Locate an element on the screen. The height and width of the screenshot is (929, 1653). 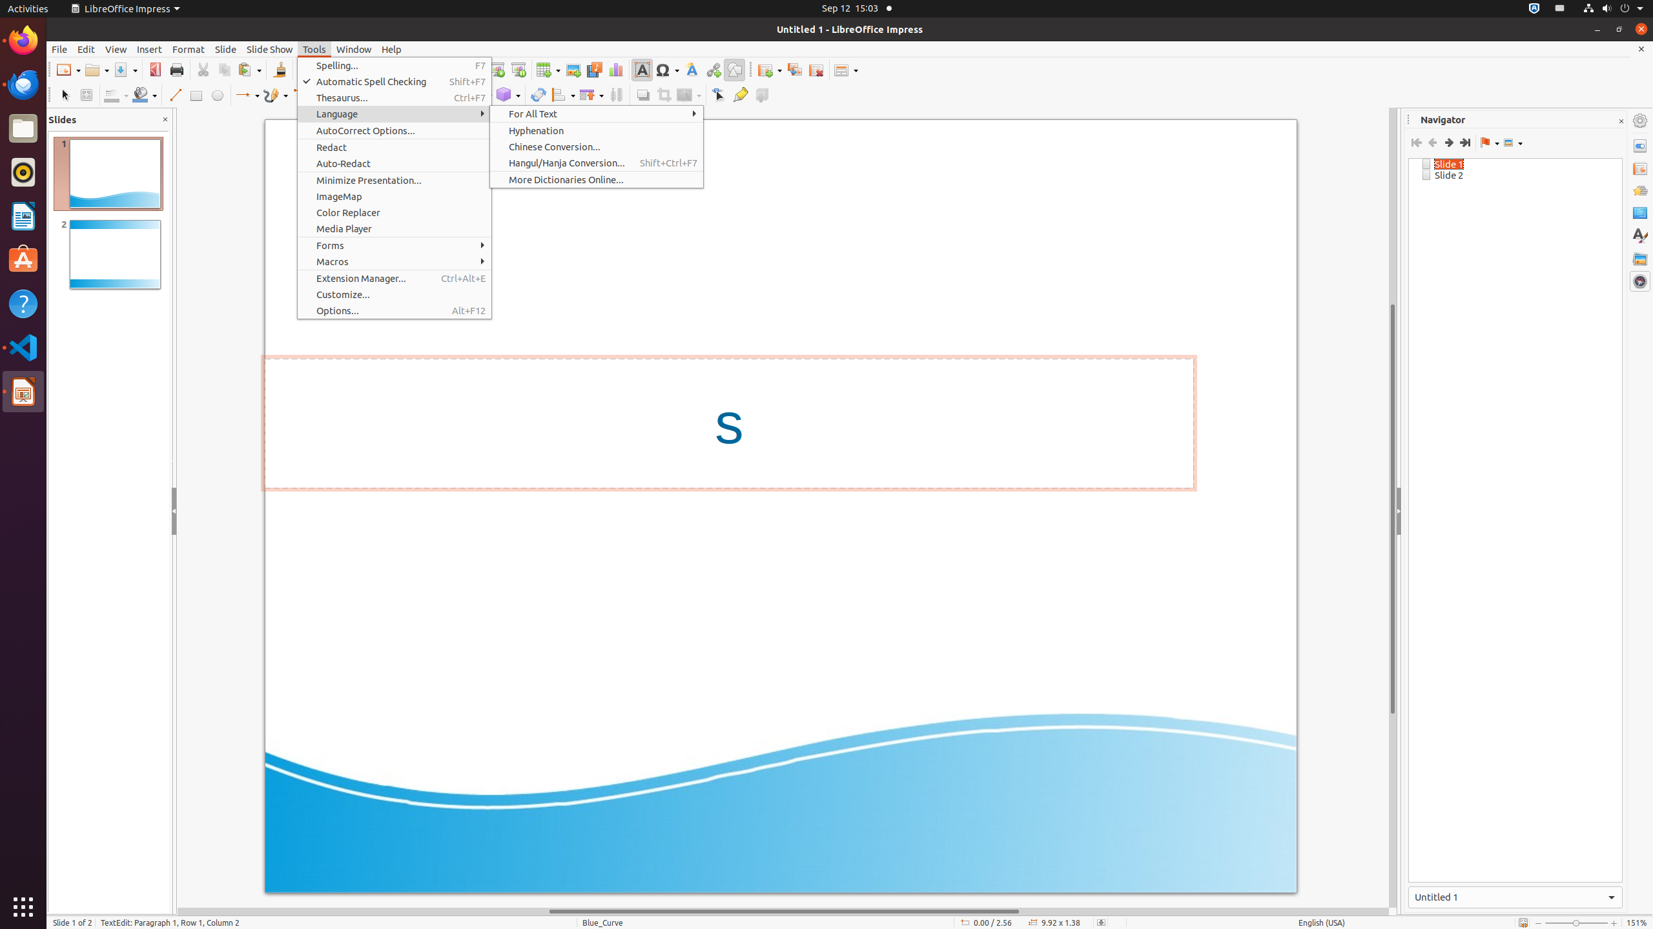
'Ubuntu Software' is located at coordinates (23, 259).